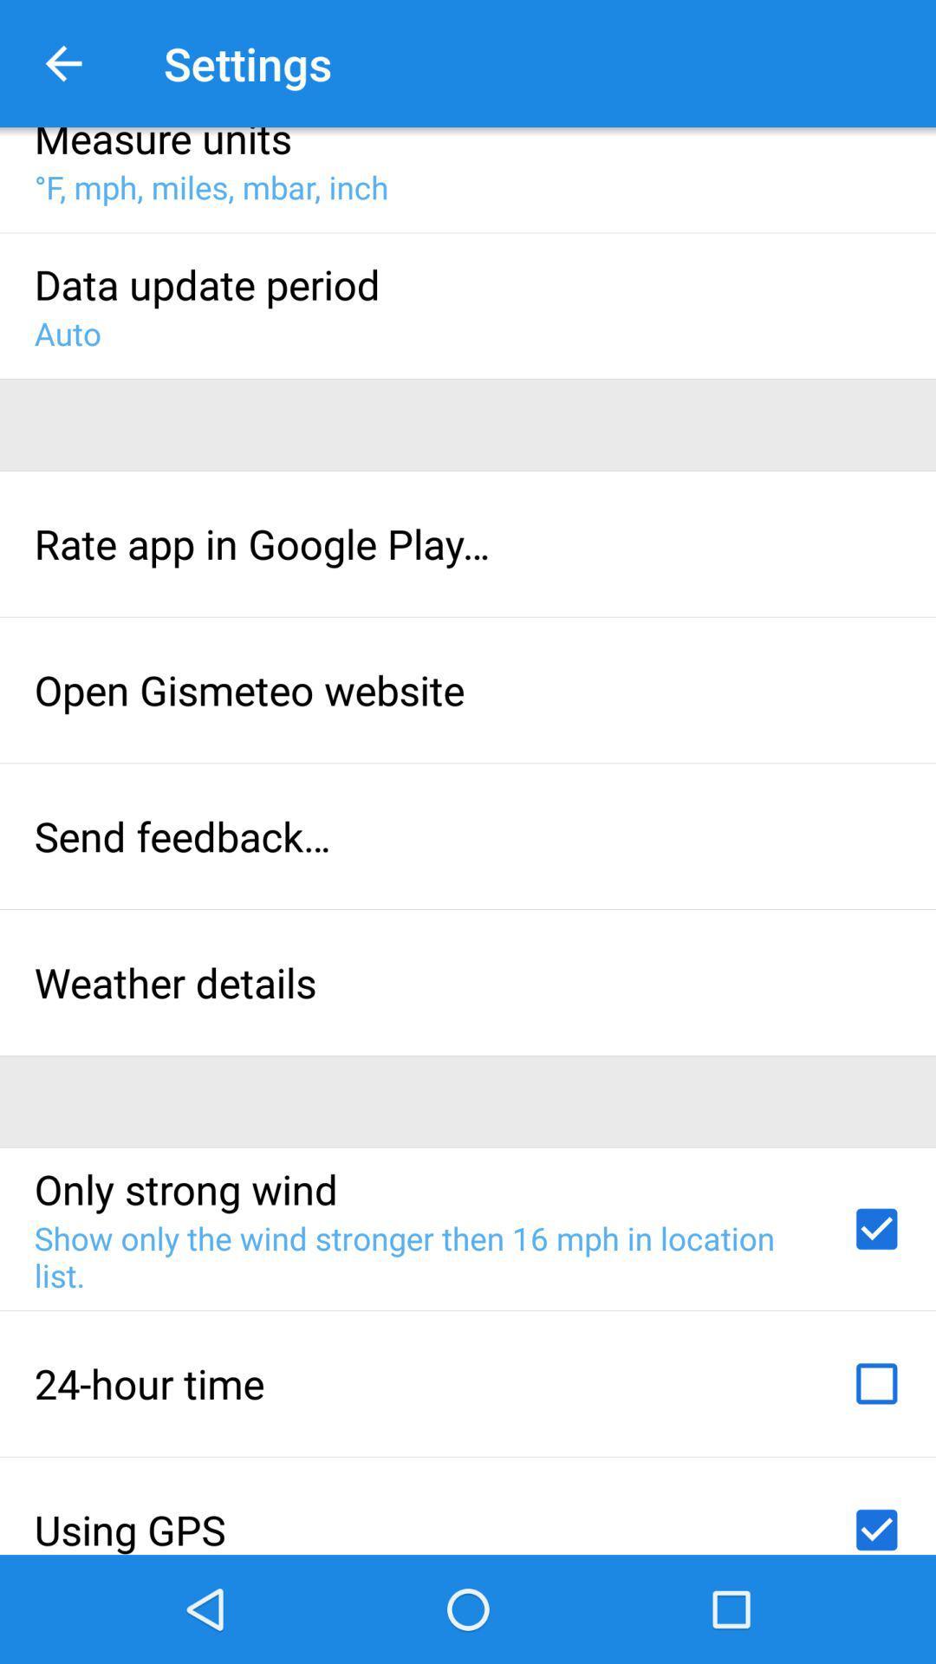  What do you see at coordinates (876, 1523) in the screenshot?
I see `the last check box` at bounding box center [876, 1523].